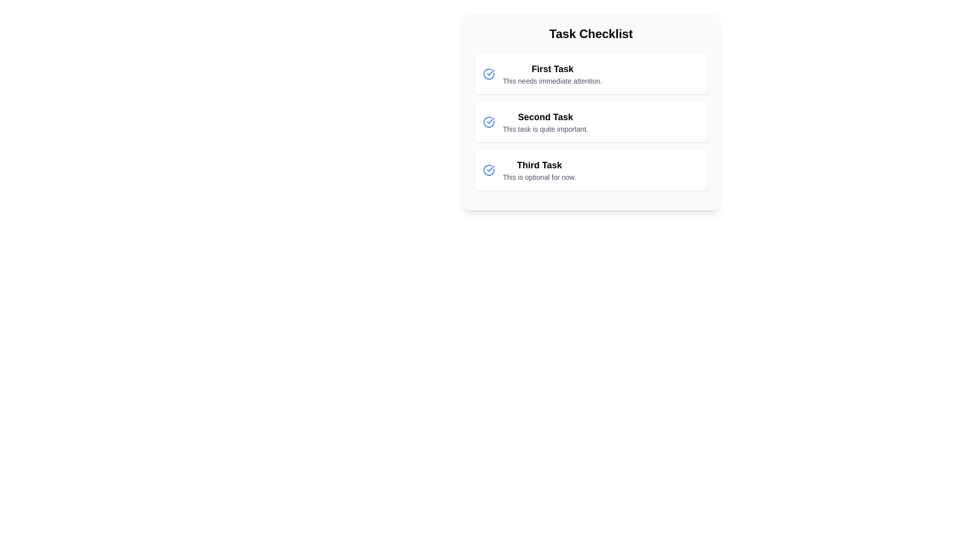  Describe the element at coordinates (489, 73) in the screenshot. I see `the button to mark the task First Task as completed` at that location.